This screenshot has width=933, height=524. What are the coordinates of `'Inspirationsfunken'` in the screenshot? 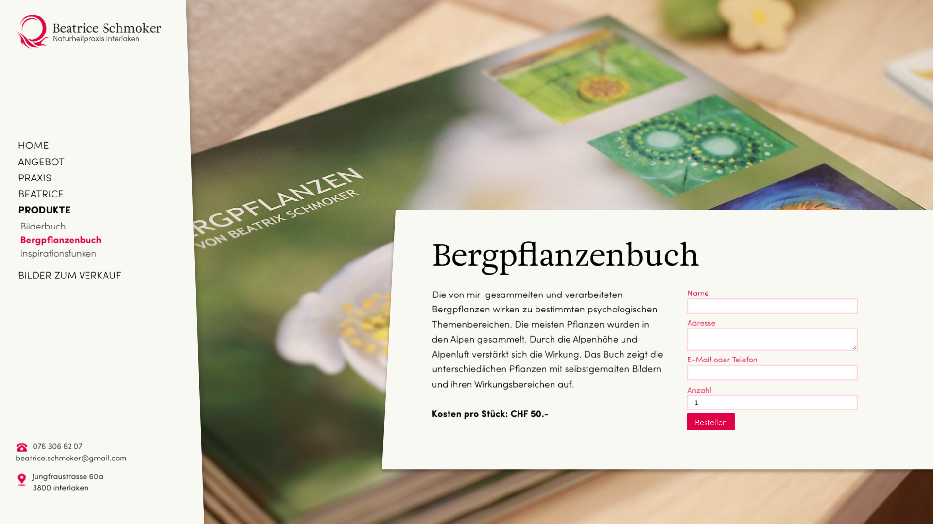 It's located at (58, 252).